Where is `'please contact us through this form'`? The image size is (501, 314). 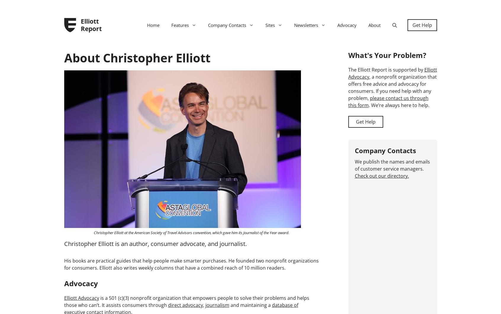
'please contact us through this form' is located at coordinates (388, 101).